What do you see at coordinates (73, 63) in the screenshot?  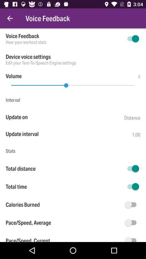 I see `the icon above the volume` at bounding box center [73, 63].